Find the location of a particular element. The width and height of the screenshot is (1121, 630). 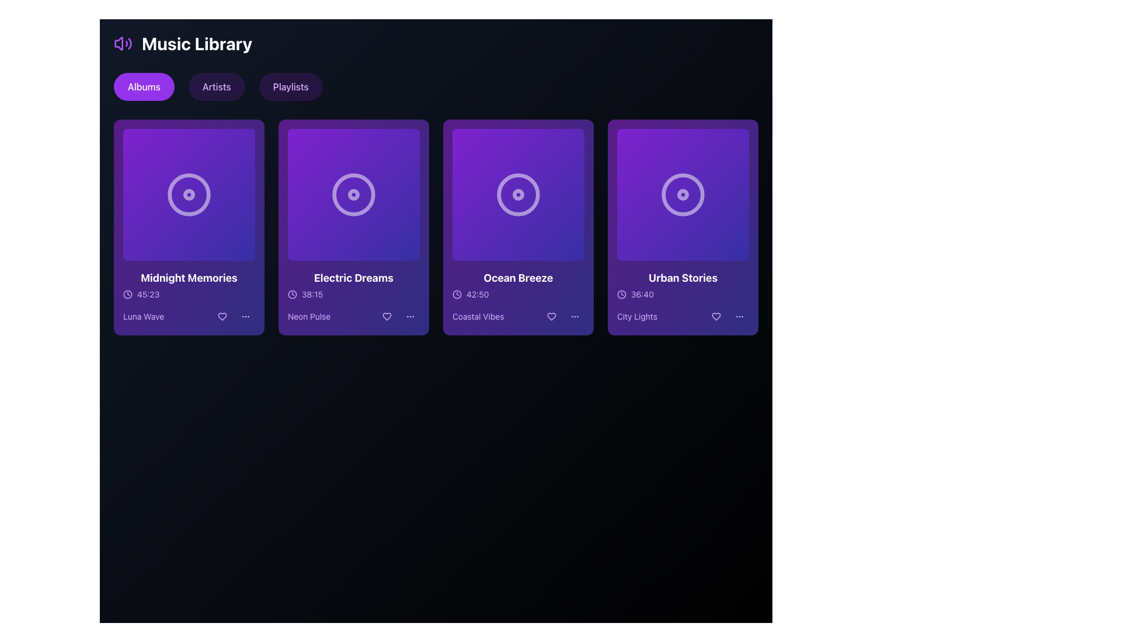

the clock icon located to the left of the text '45:23' in the 'Midnight Memories' card under the 'Albums' section is located at coordinates (128, 294).